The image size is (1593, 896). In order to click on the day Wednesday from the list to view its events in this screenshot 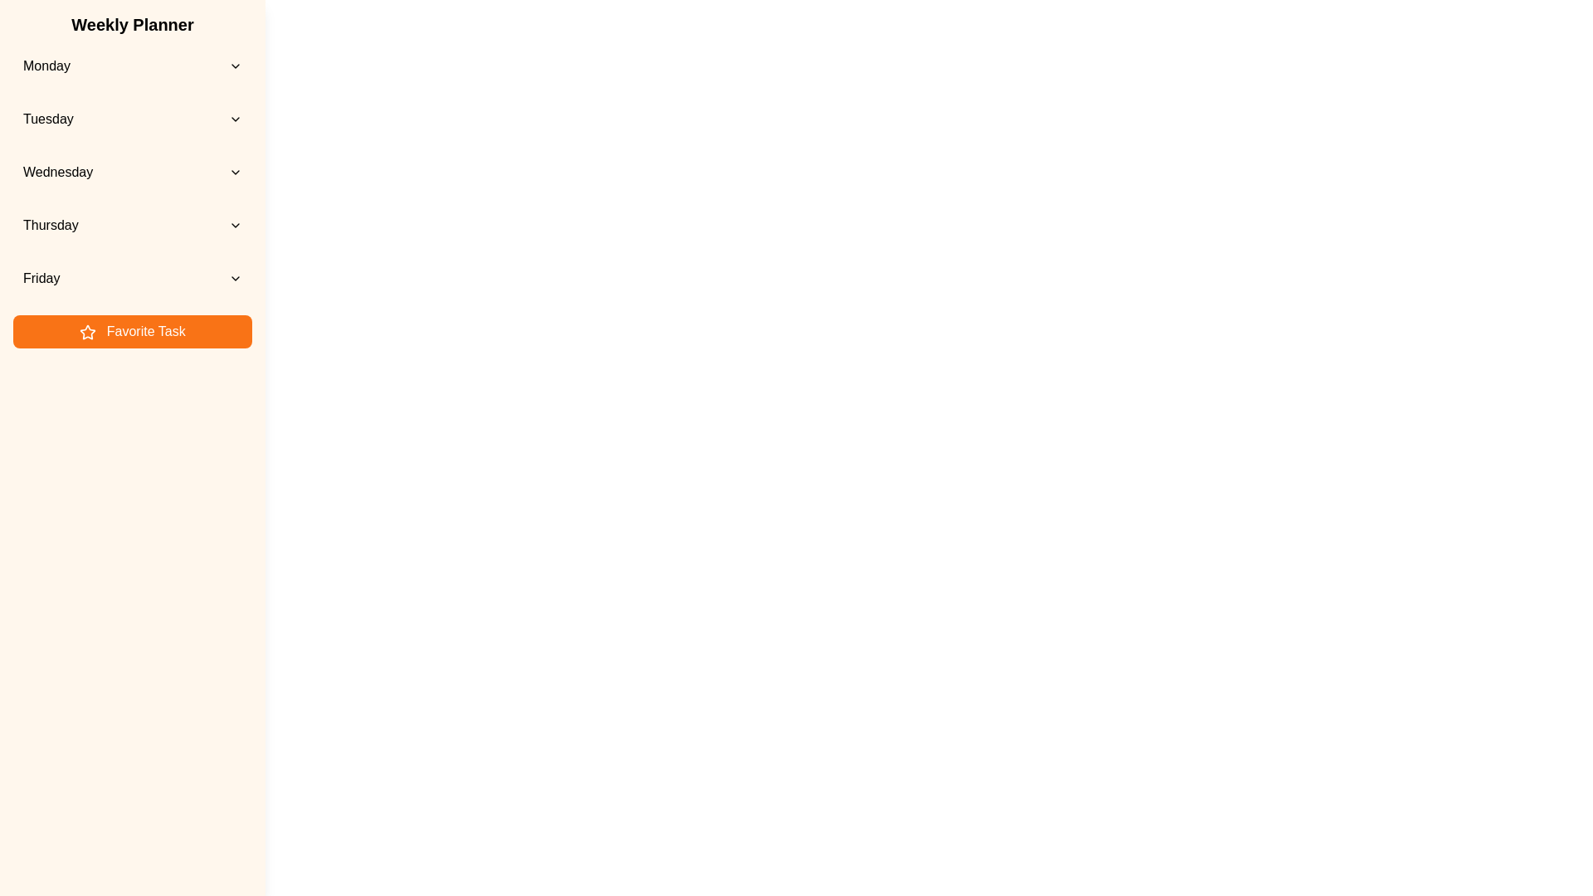, I will do `click(131, 173)`.